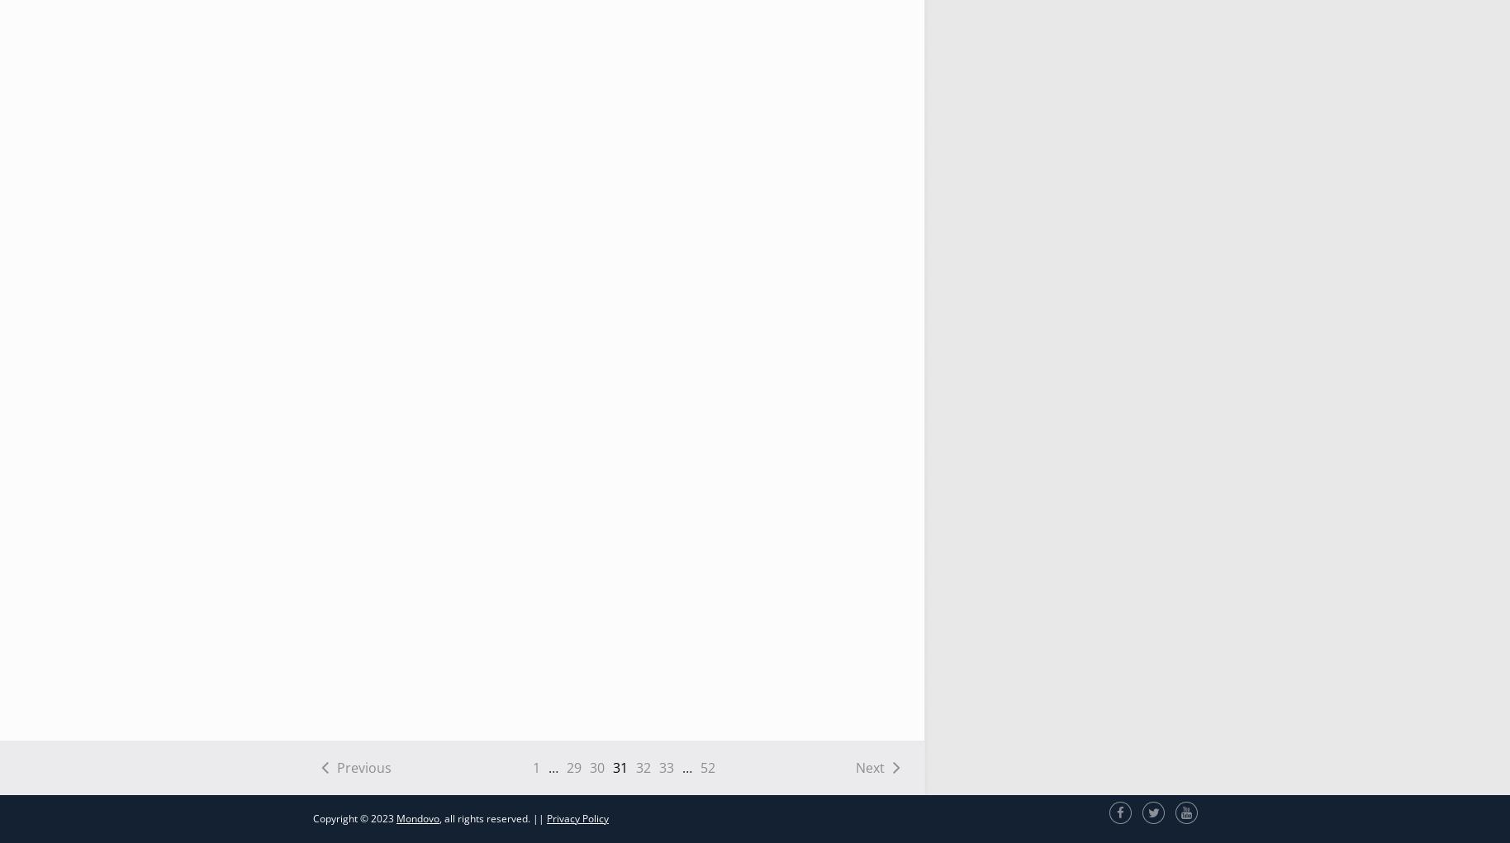 The height and width of the screenshot is (843, 1510). What do you see at coordinates (572, 767) in the screenshot?
I see `'29'` at bounding box center [572, 767].